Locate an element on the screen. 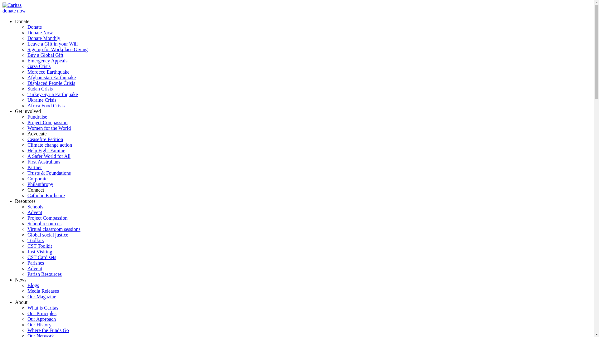  'Ukraine Crisis' is located at coordinates (27, 100).